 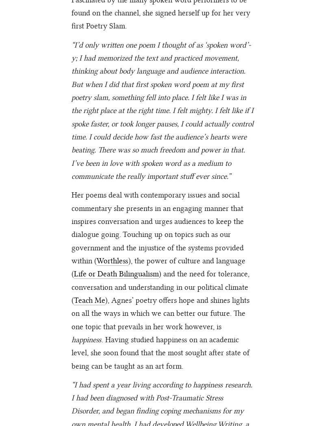 What do you see at coordinates (158, 267) in the screenshot?
I see `'), the power of culture and language ('` at bounding box center [158, 267].